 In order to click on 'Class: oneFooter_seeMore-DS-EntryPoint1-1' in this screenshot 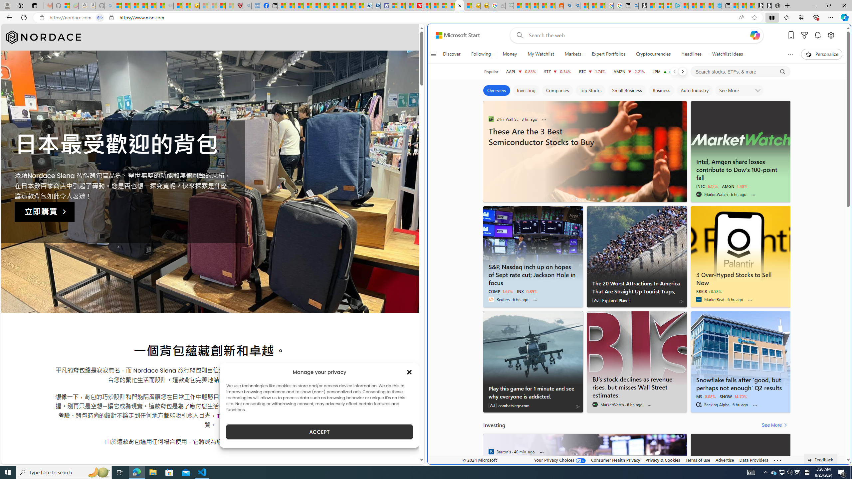, I will do `click(777, 460)`.